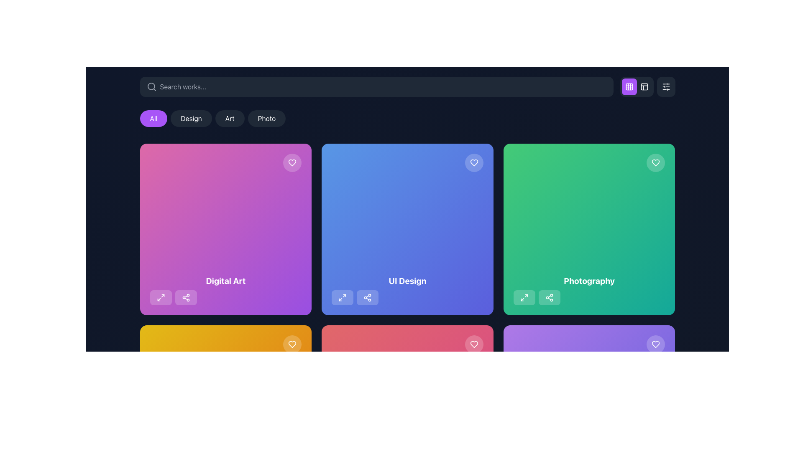 The height and width of the screenshot is (451, 803). What do you see at coordinates (549, 297) in the screenshot?
I see `the sharing icon located on the green rounded card titled 'Photography' in the bottom-right corner` at bounding box center [549, 297].